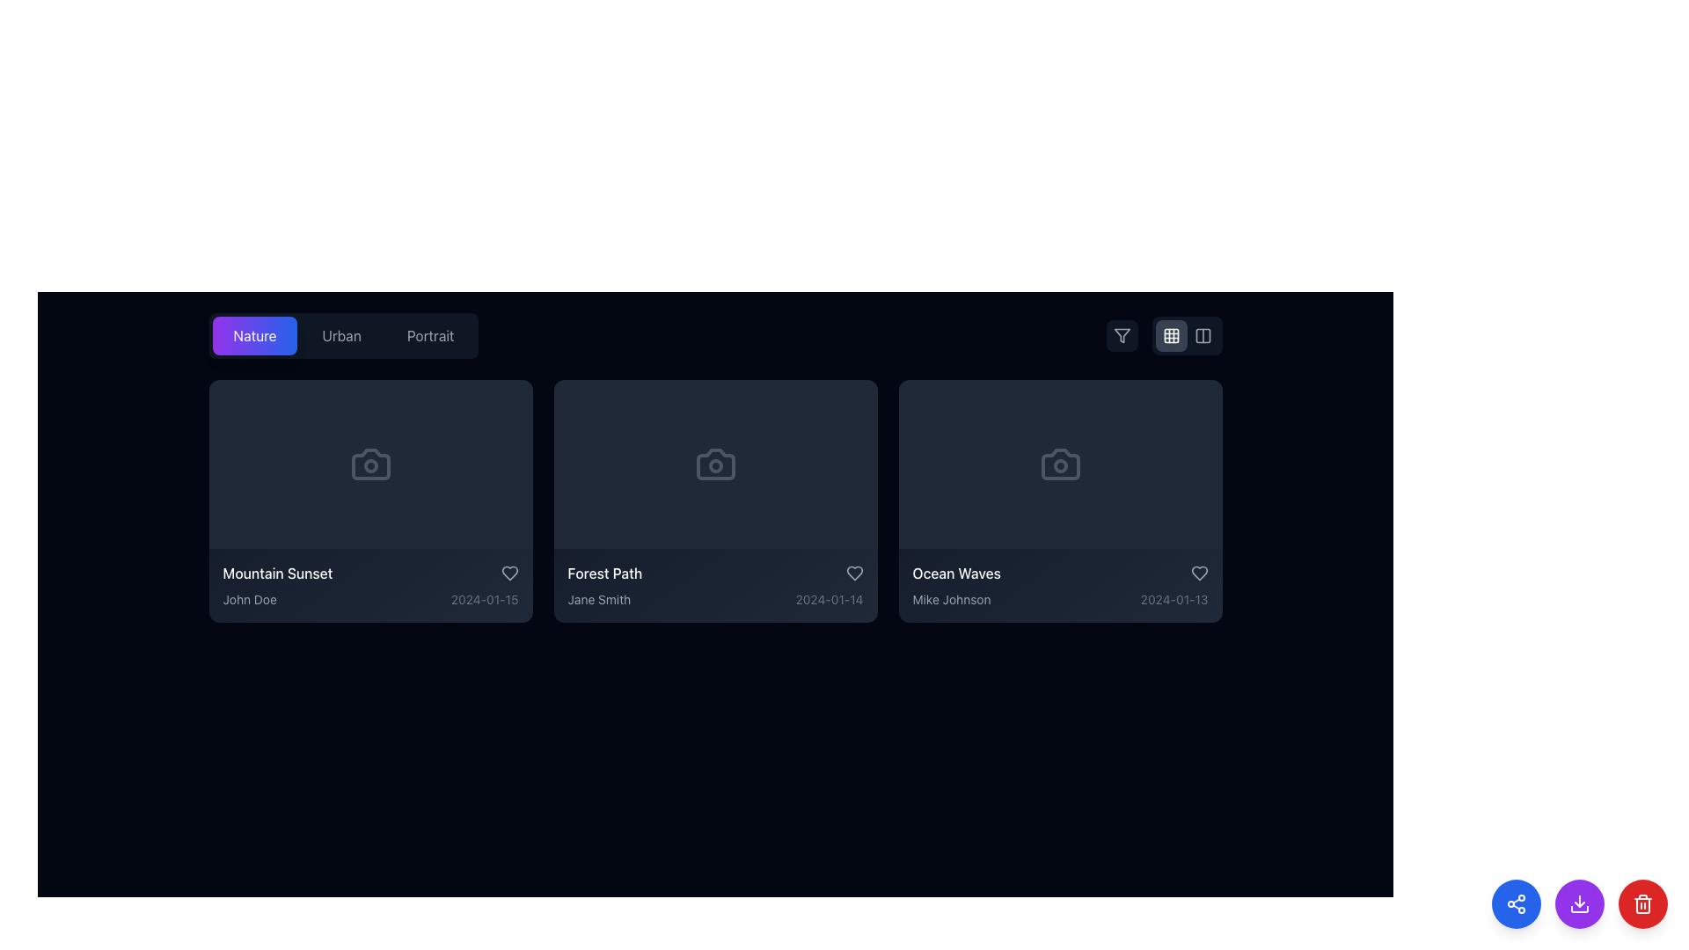 The image size is (1689, 950). Describe the element at coordinates (1059, 586) in the screenshot. I see `the third card` at that location.